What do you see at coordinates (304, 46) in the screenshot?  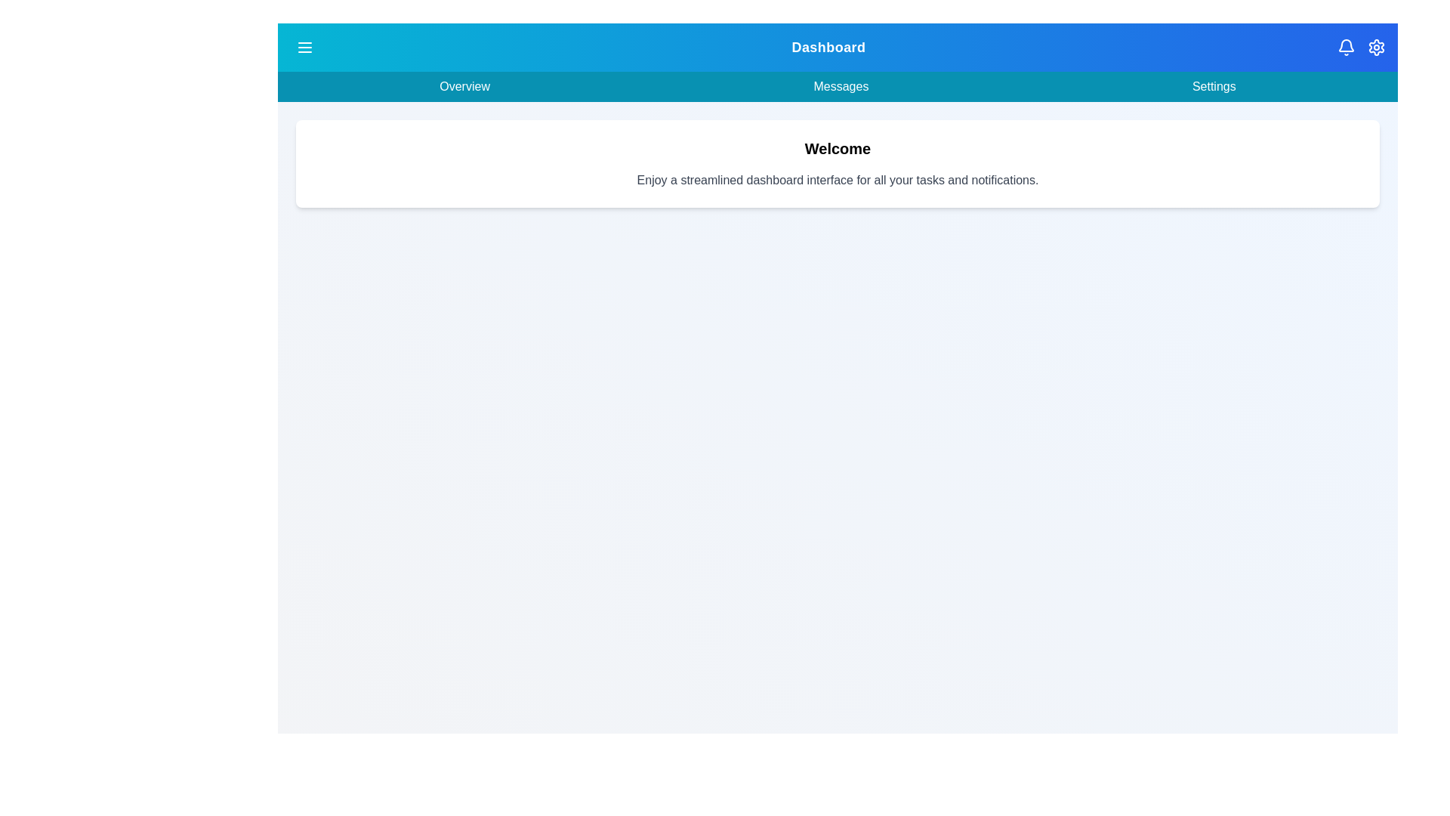 I see `the menu icon to toggle the menu visibility` at bounding box center [304, 46].